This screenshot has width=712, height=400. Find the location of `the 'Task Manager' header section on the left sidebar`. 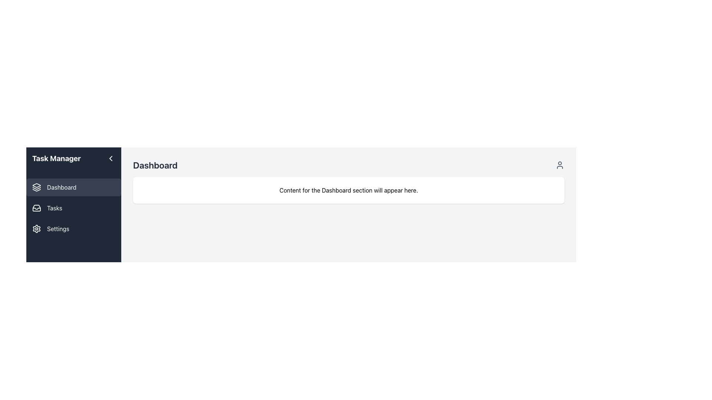

the 'Task Manager' header section on the left sidebar is located at coordinates (73, 158).